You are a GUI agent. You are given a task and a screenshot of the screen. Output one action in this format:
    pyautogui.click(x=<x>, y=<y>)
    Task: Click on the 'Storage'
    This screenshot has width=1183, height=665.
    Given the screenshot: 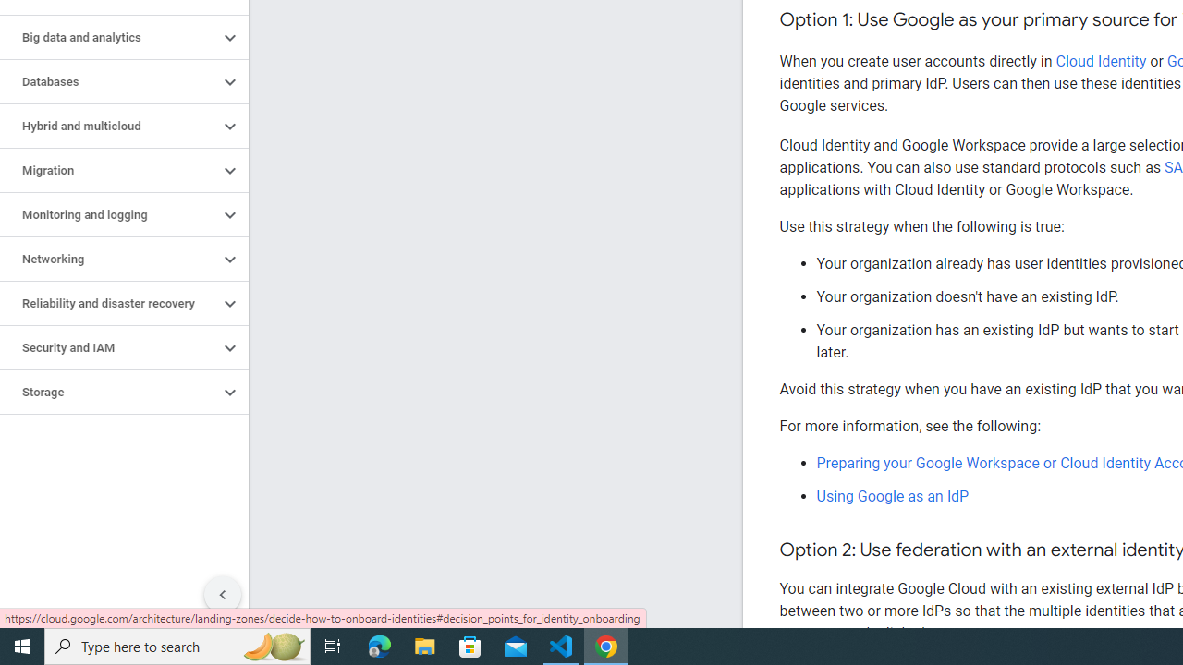 What is the action you would take?
    pyautogui.click(x=108, y=392)
    